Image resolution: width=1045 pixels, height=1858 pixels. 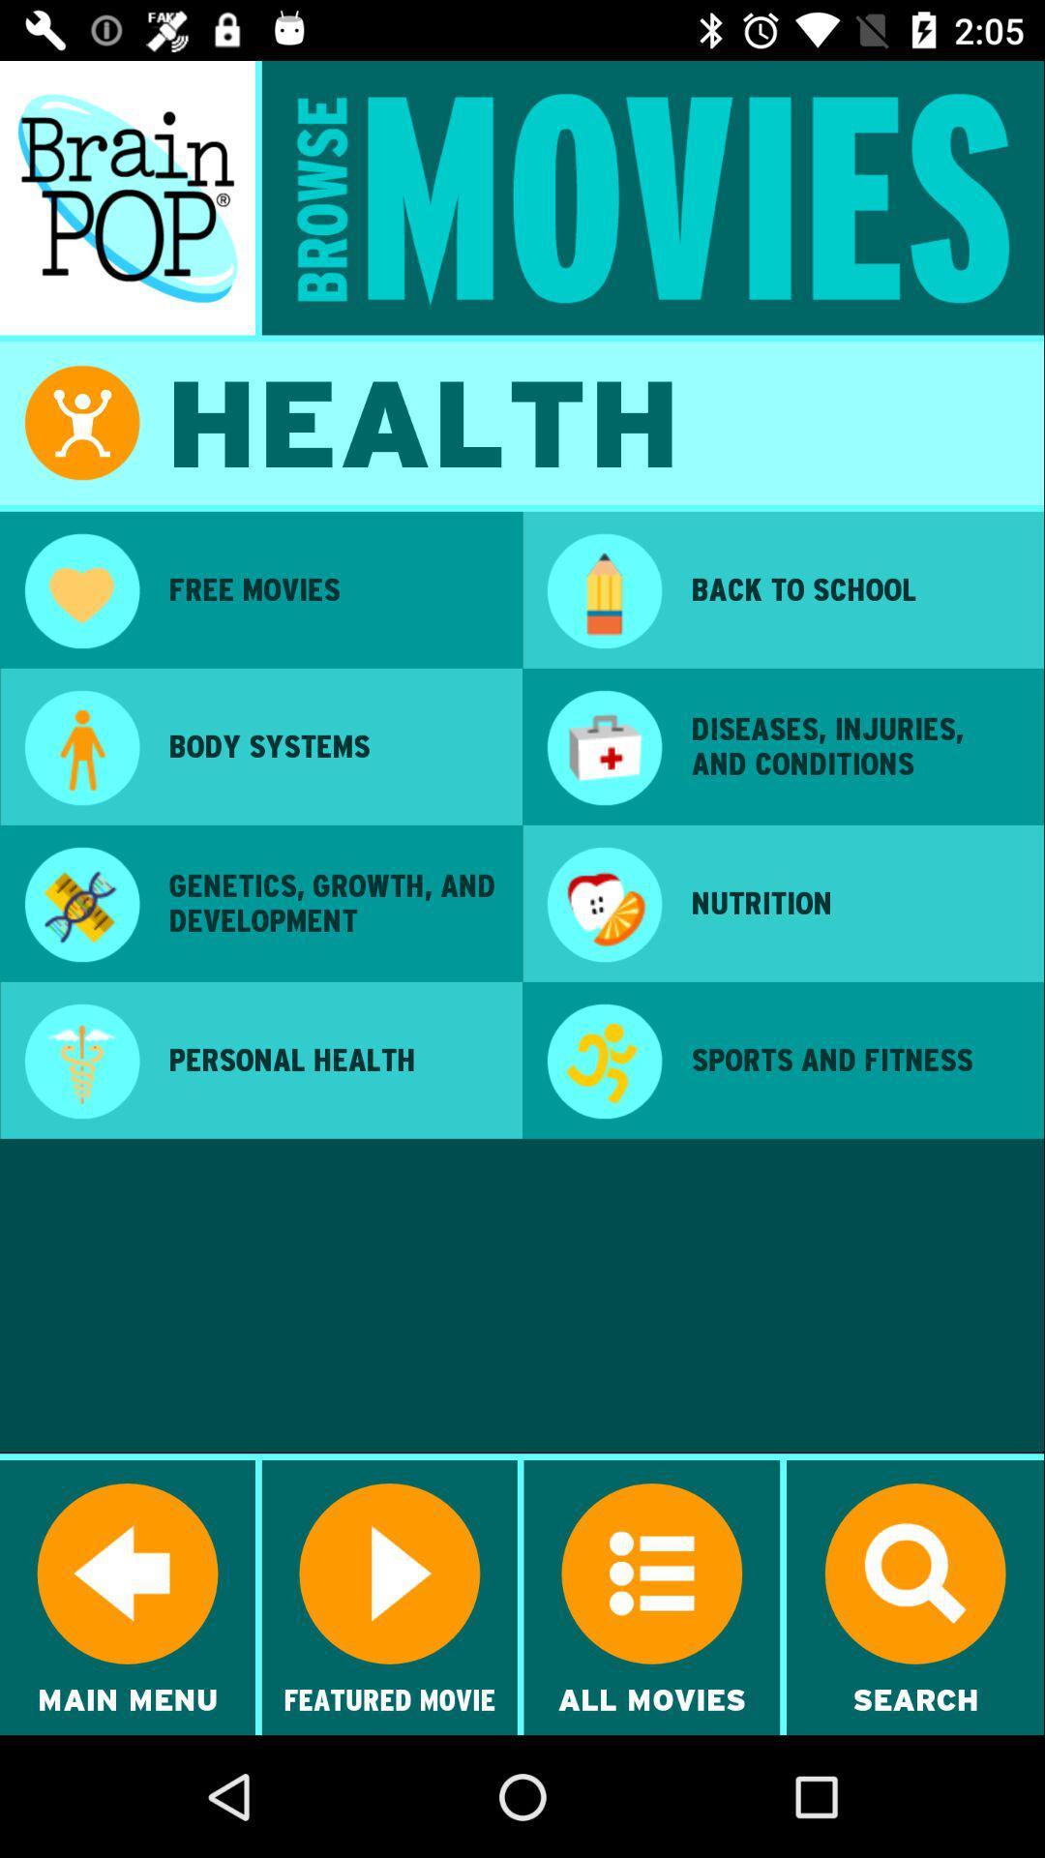 I want to click on item below diseases injuries and, so click(x=853, y=902).